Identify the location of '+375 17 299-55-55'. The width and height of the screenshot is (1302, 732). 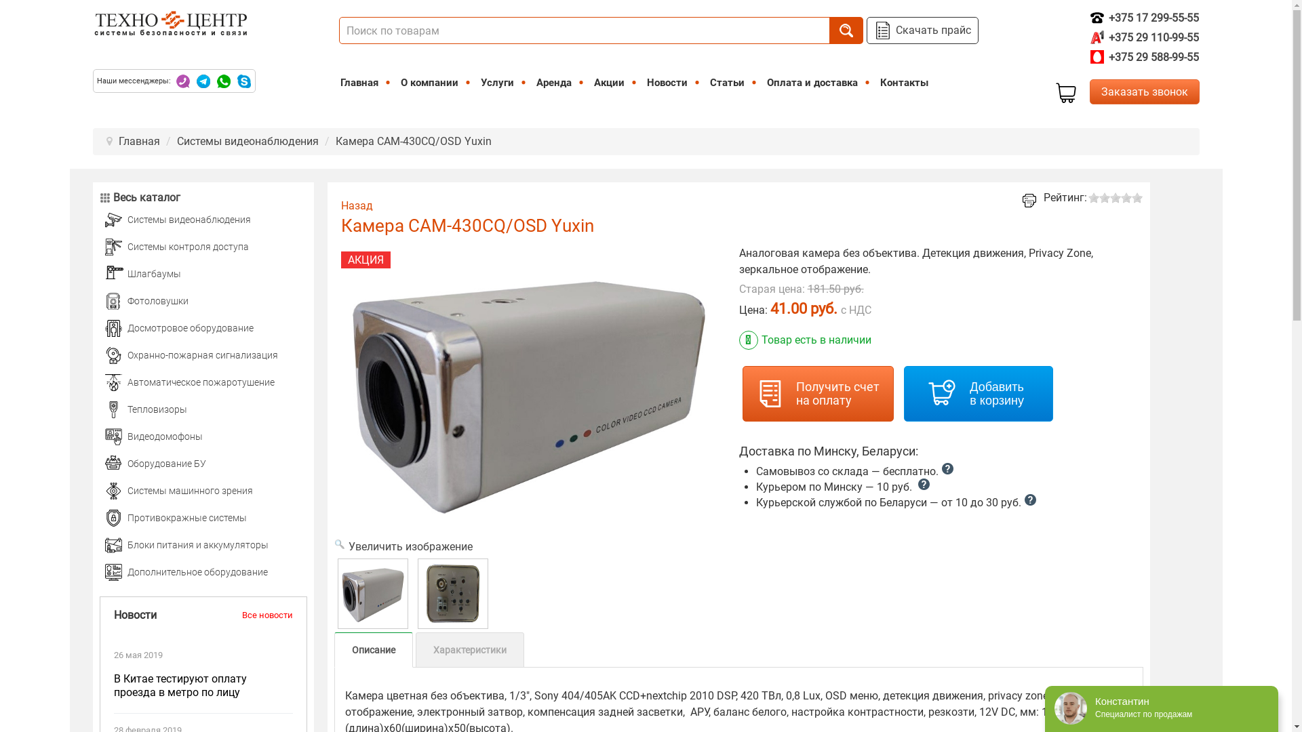
(1144, 18).